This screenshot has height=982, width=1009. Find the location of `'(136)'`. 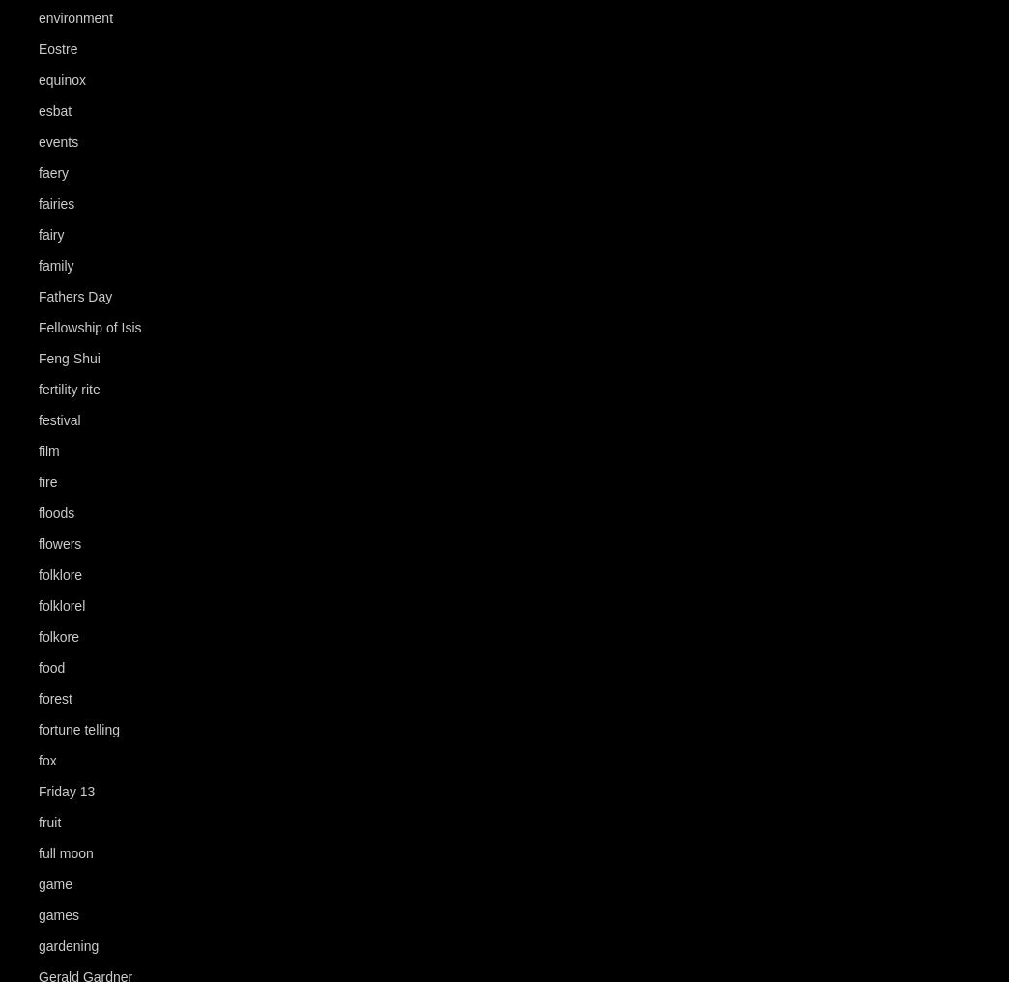

'(136)' is located at coordinates (104, 80).